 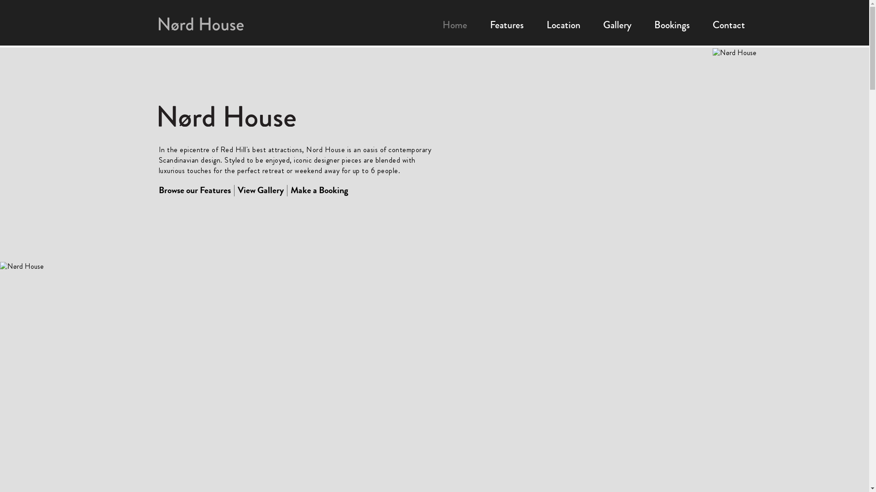 I want to click on 'View Gallery', so click(x=260, y=190).